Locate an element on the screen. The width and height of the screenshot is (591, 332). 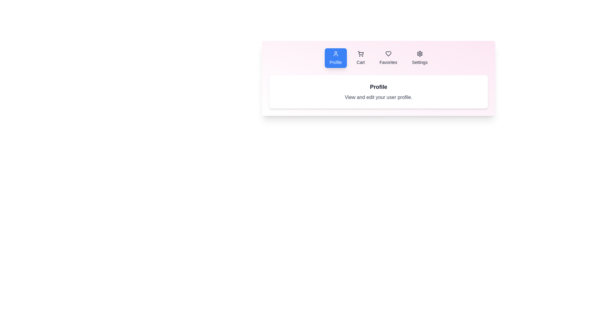
the tab labeled Favorites to view its content is located at coordinates (388, 58).